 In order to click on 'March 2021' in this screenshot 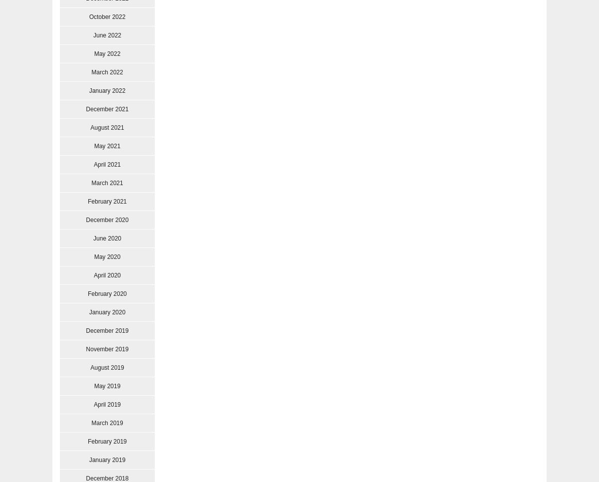, I will do `click(106, 182)`.